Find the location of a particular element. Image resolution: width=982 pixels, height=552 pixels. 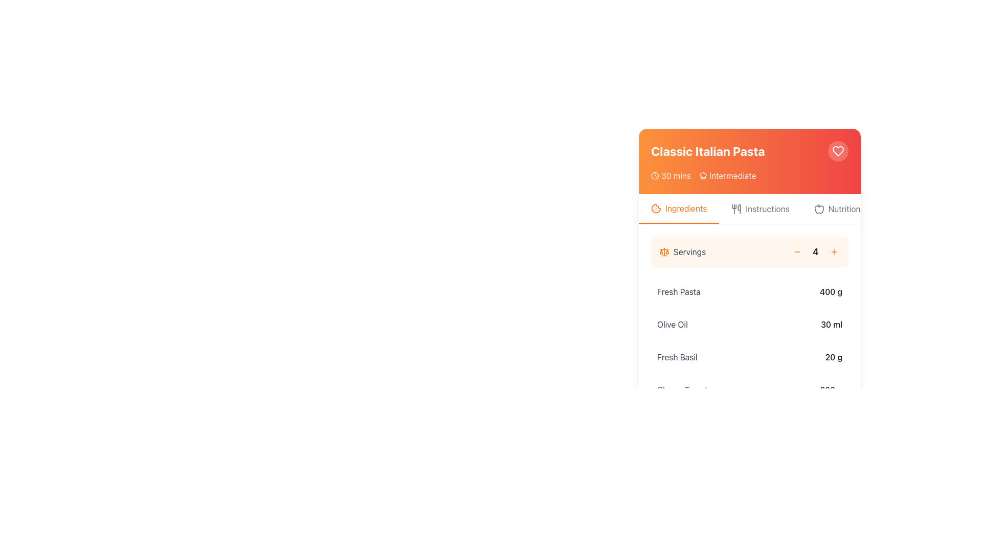

the decorative icon resembling a fork and spoon is located at coordinates (736, 208).